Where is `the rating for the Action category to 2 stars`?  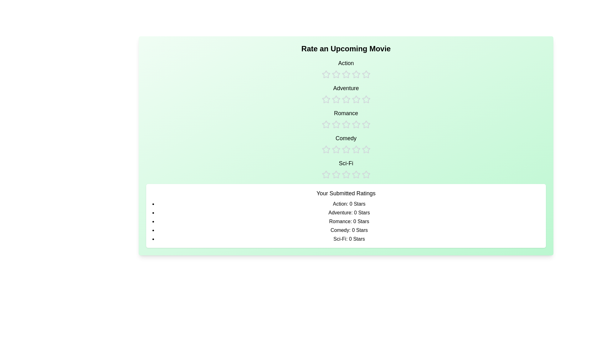 the rating for the Action category to 2 stars is located at coordinates (336, 69).